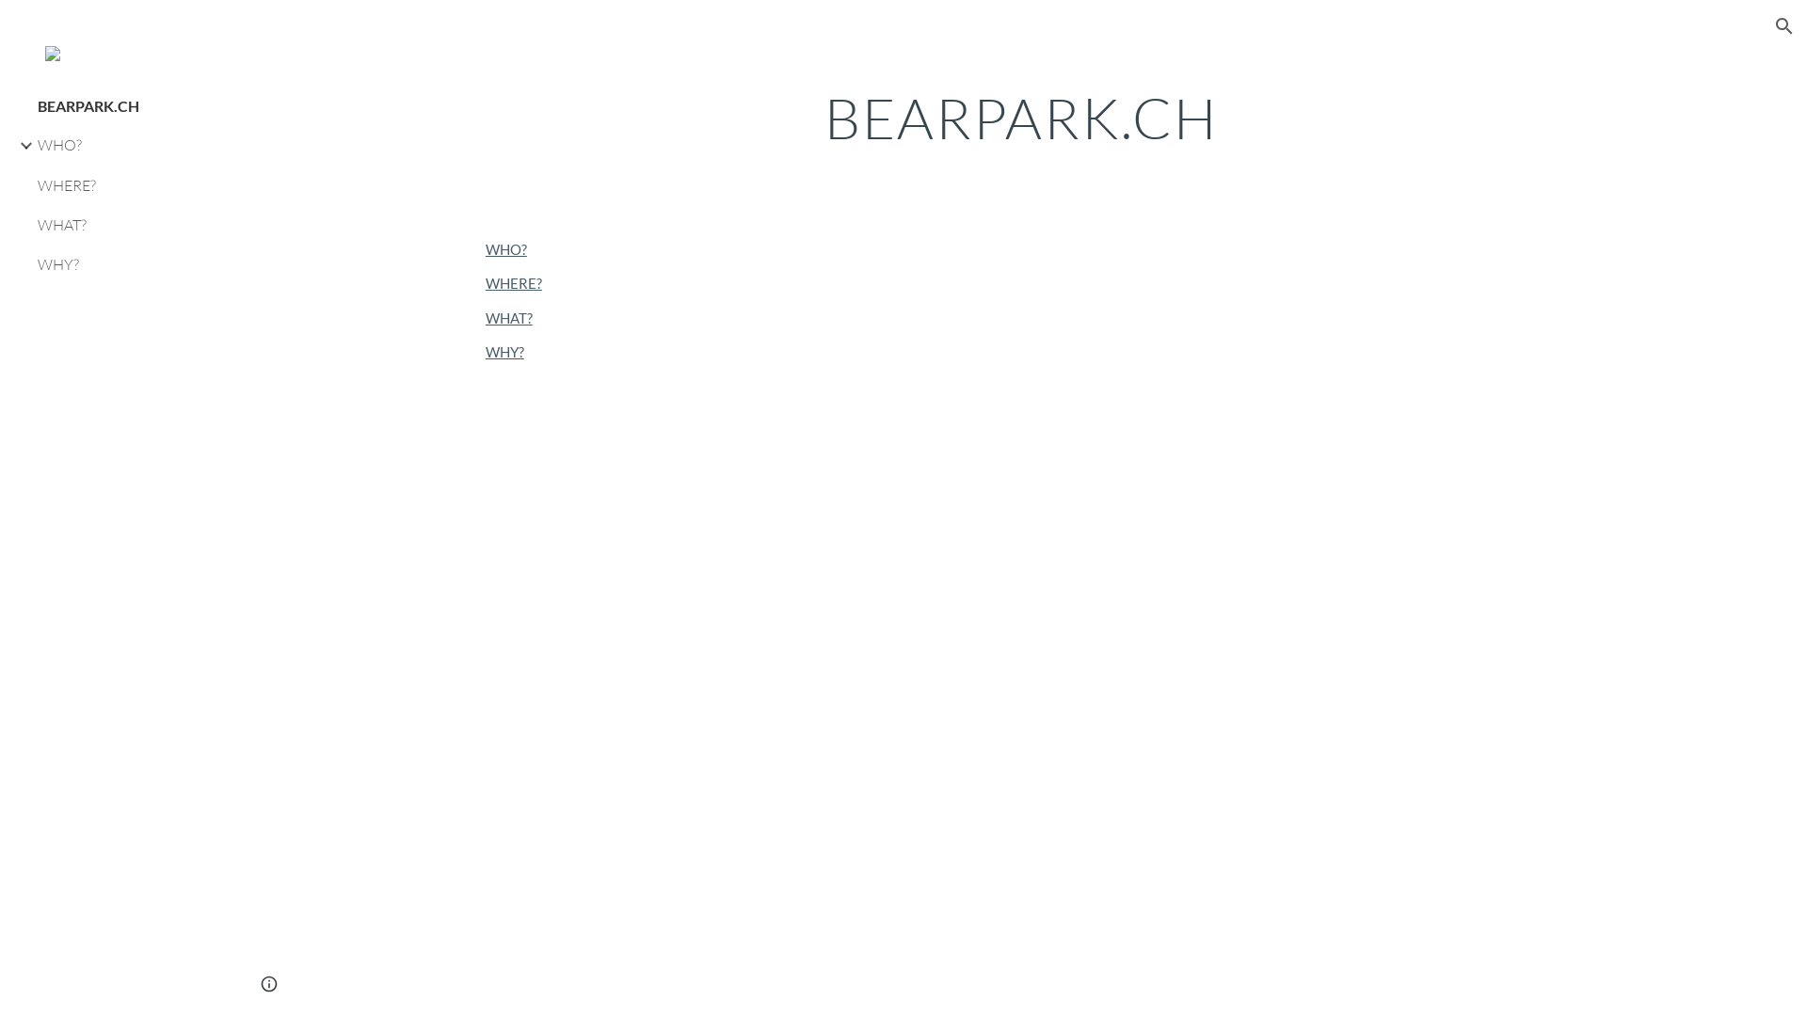 This screenshot has width=1807, height=1016. What do you see at coordinates (128, 224) in the screenshot?
I see `'WHAT?'` at bounding box center [128, 224].